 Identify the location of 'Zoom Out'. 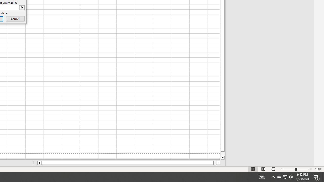
(289, 169).